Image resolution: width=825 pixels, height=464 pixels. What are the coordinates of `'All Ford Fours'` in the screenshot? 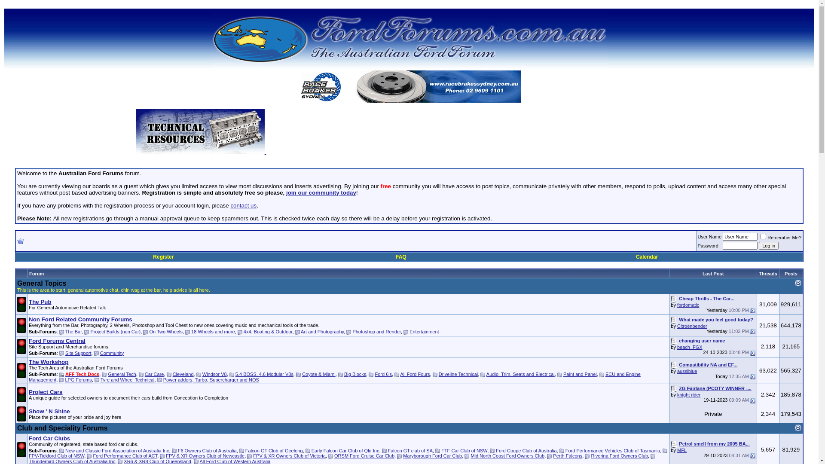 It's located at (415, 374).